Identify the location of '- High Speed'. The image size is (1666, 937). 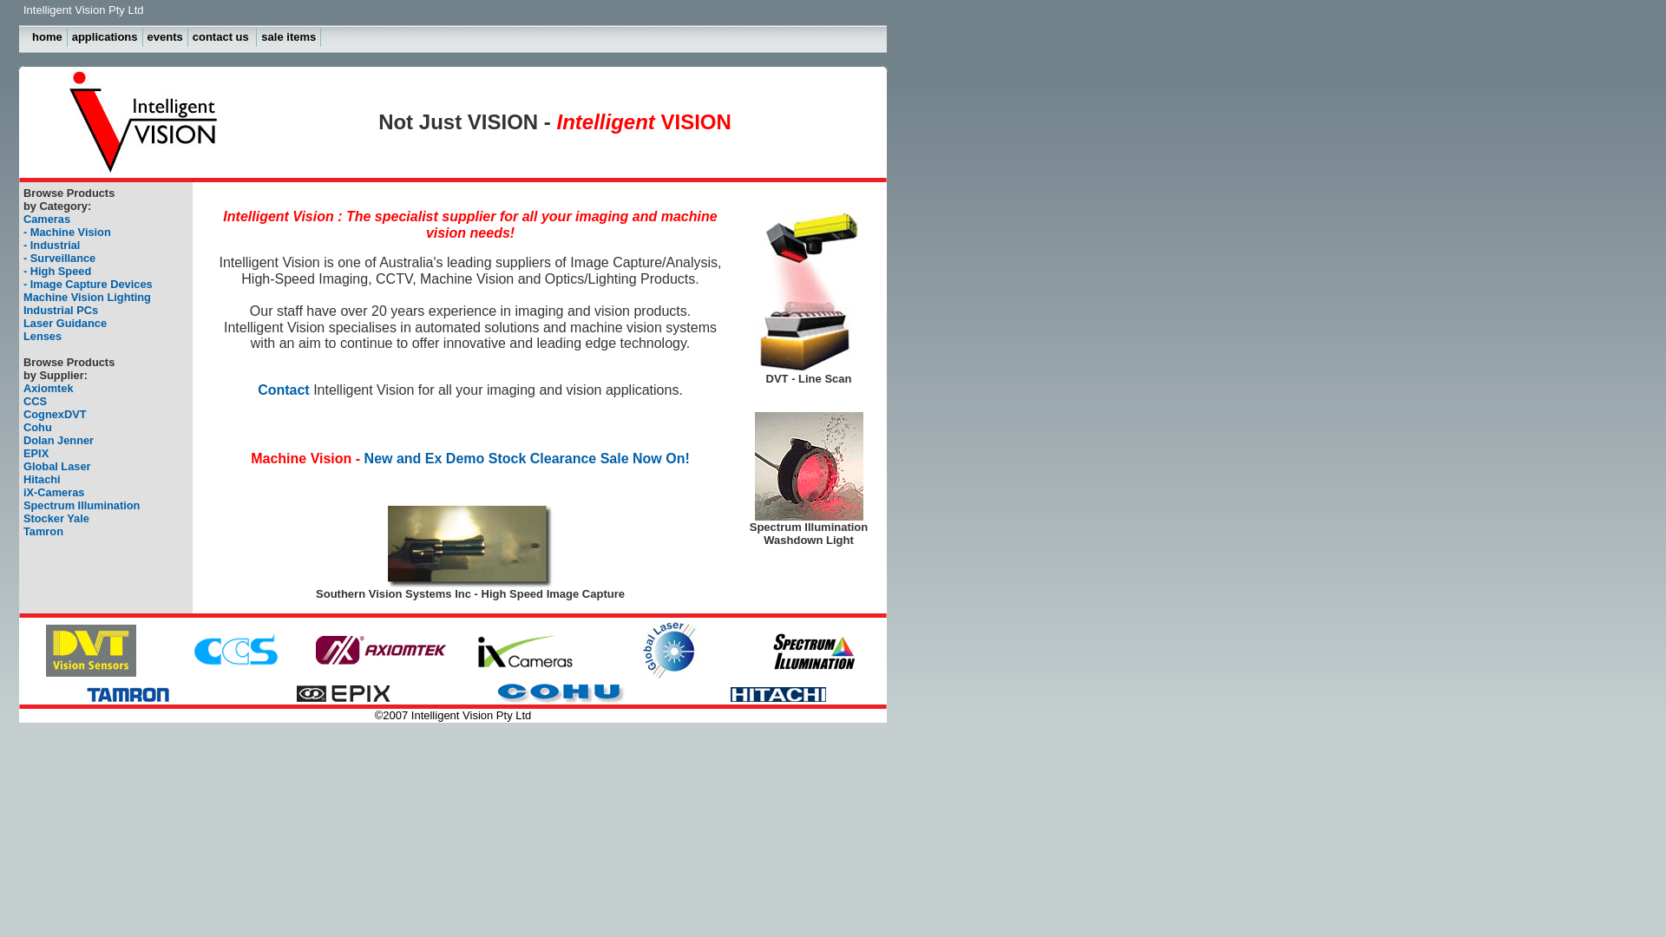
(57, 271).